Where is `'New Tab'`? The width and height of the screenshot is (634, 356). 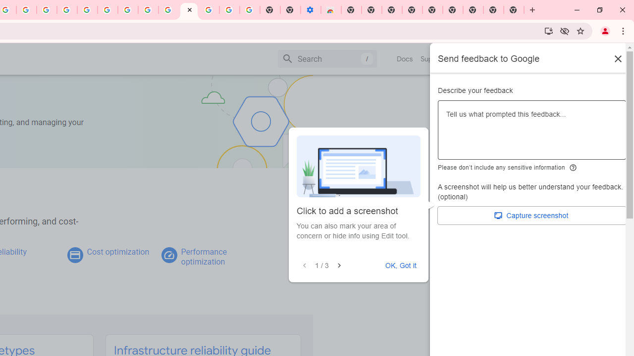
'New Tab' is located at coordinates (514, 10).